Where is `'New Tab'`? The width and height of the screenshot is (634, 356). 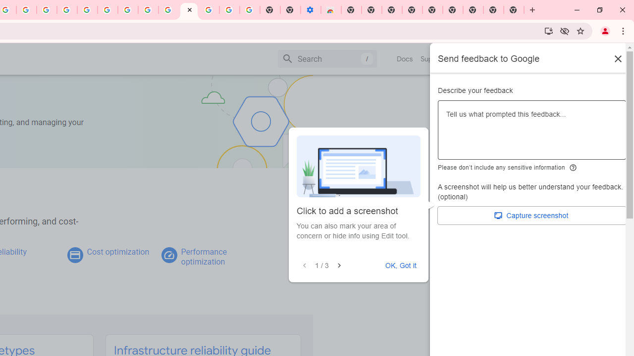
'New Tab' is located at coordinates (514, 10).